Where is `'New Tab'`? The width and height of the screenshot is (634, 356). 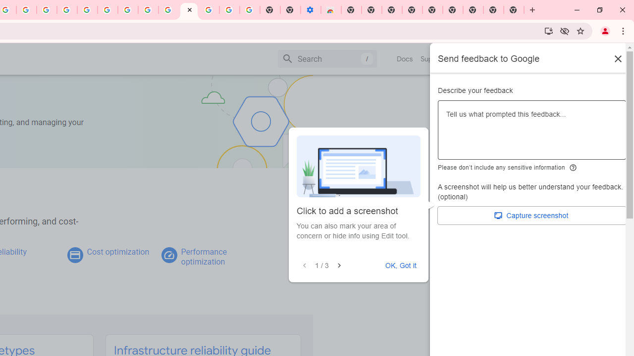
'New Tab' is located at coordinates (514, 10).